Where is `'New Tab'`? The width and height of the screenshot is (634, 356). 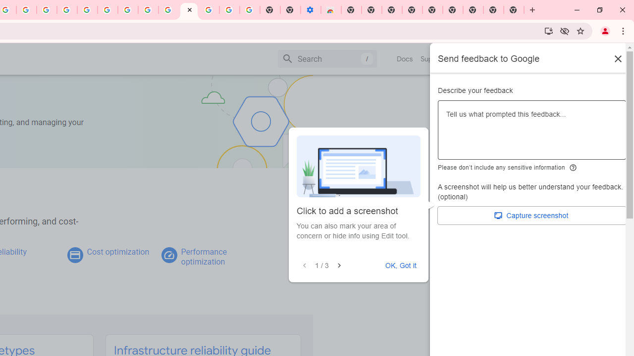
'New Tab' is located at coordinates (514, 10).